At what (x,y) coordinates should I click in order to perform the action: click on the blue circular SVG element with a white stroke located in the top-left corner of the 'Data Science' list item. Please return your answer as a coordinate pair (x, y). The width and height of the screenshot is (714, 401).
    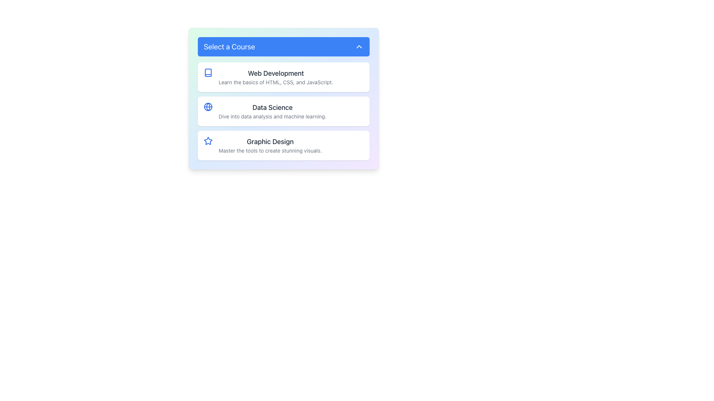
    Looking at the image, I should click on (208, 107).